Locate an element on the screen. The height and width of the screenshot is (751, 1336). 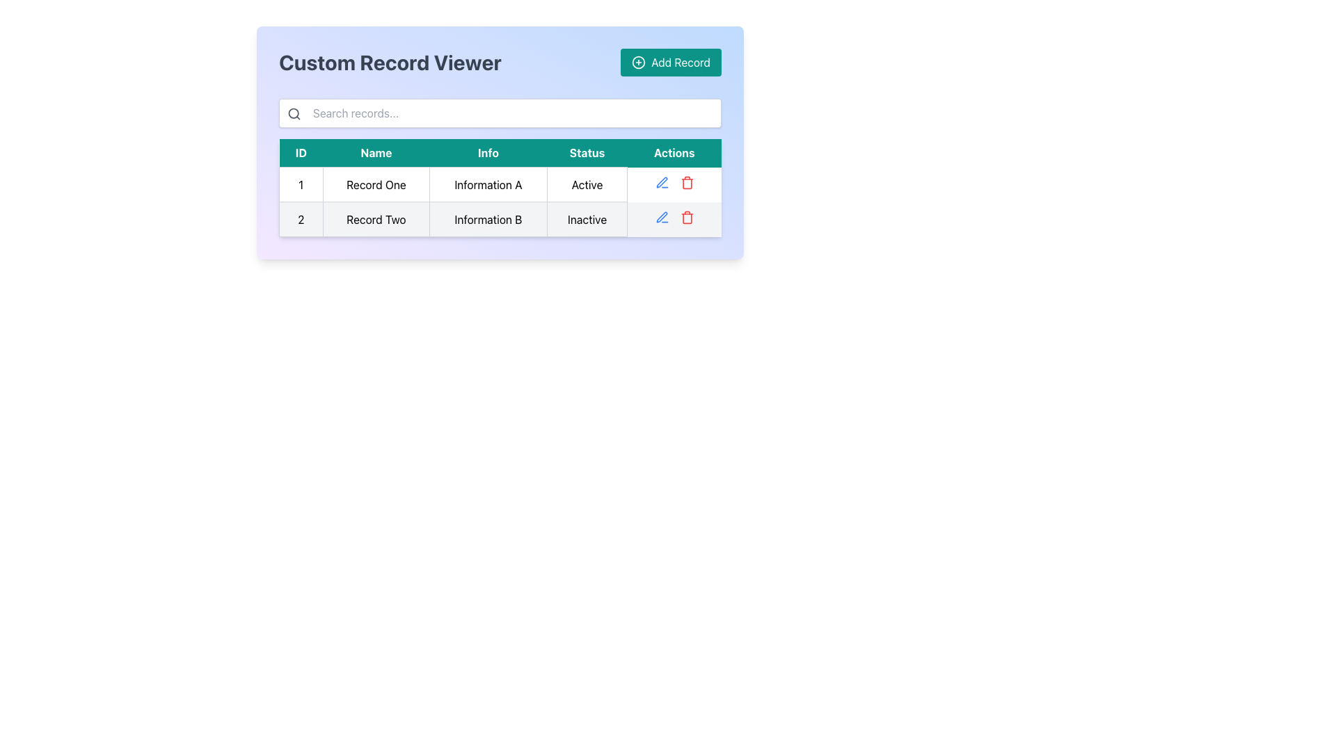
the interactive trash can icon located in the last column of the second row of the data table for the 'Record Two' entry to trigger the hover effect is located at coordinates (687, 217).